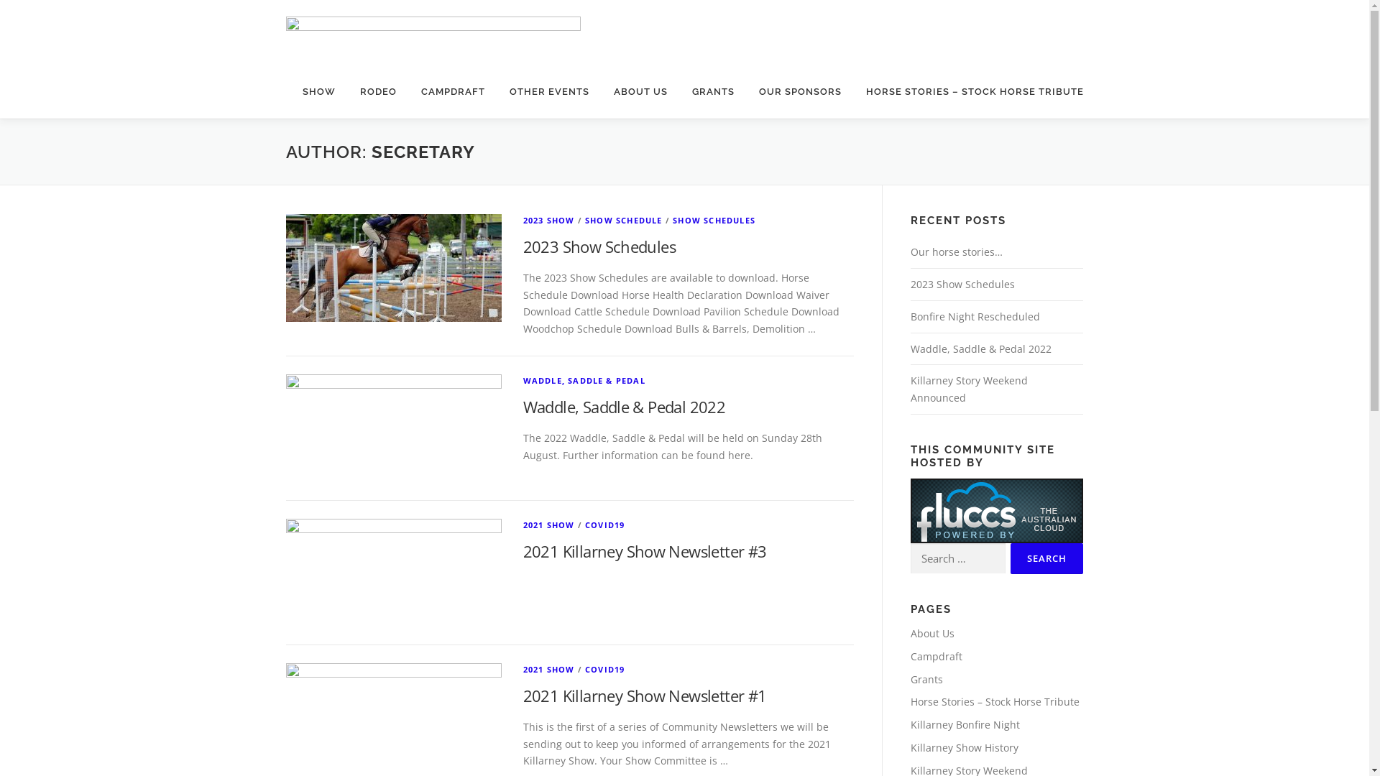 This screenshot has height=776, width=1380. What do you see at coordinates (965, 724) in the screenshot?
I see `'Killarney Bonfire Night'` at bounding box center [965, 724].